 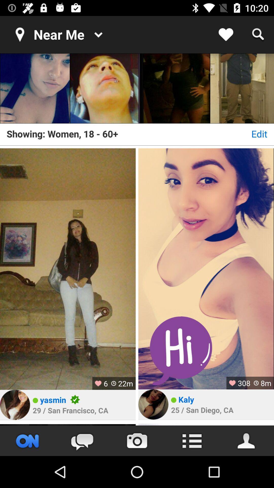 What do you see at coordinates (226, 35) in the screenshot?
I see `the heart icon left to search icon` at bounding box center [226, 35].